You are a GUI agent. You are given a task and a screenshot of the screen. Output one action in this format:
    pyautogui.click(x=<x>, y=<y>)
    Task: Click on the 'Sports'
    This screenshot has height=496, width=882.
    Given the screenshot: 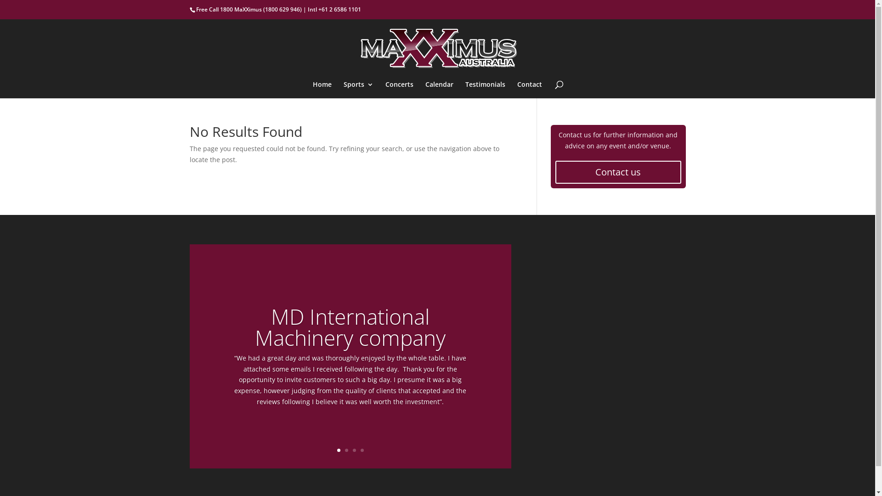 What is the action you would take?
    pyautogui.click(x=343, y=90)
    